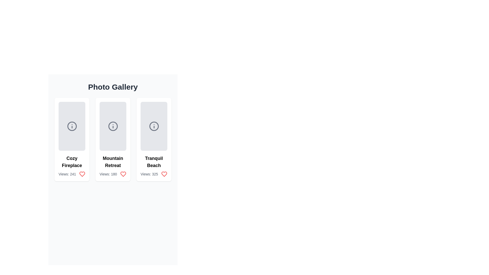  Describe the element at coordinates (154, 162) in the screenshot. I see `text label located in the third card, positioned below the central icon and above the views count label` at that location.